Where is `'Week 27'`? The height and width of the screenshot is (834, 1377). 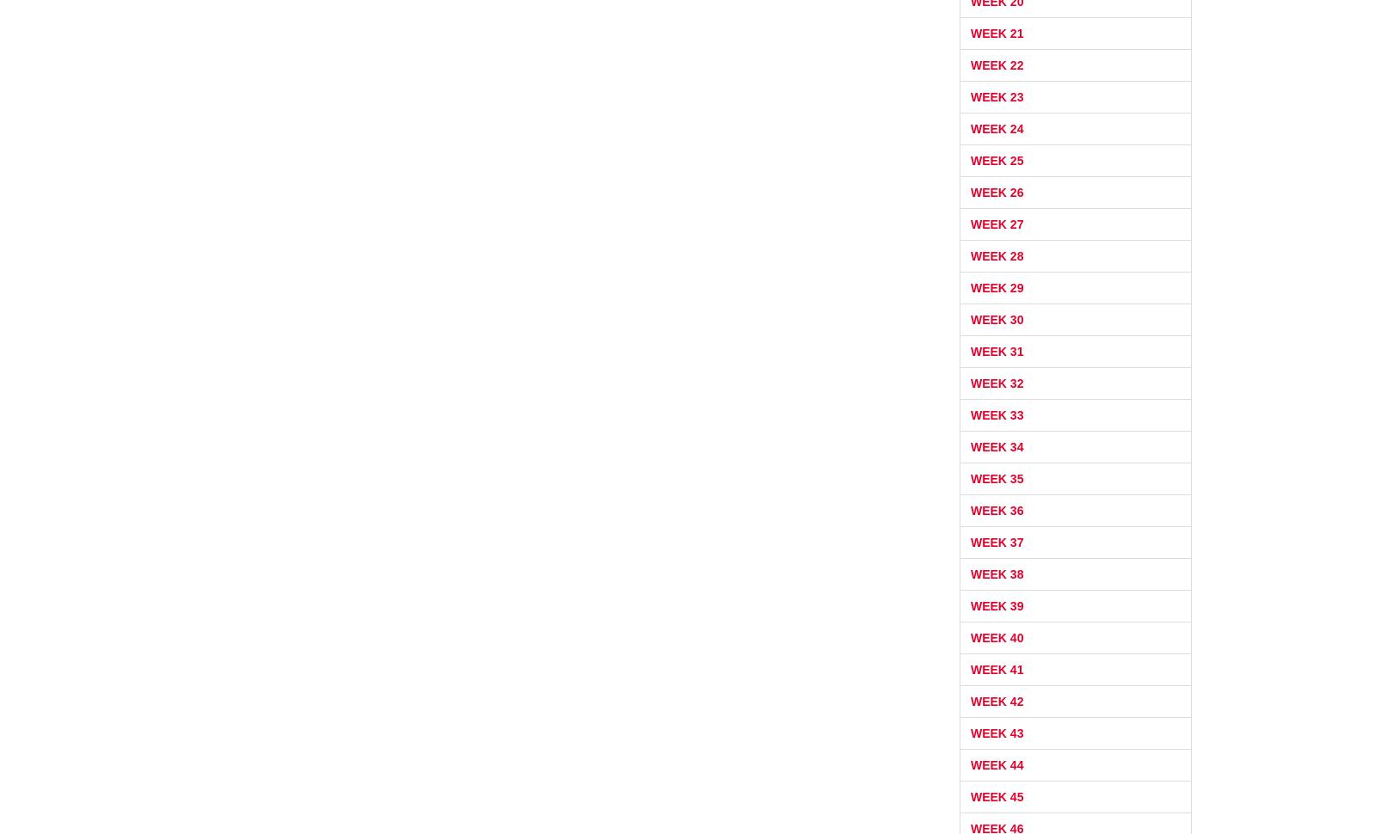
'Week 27' is located at coordinates (997, 222).